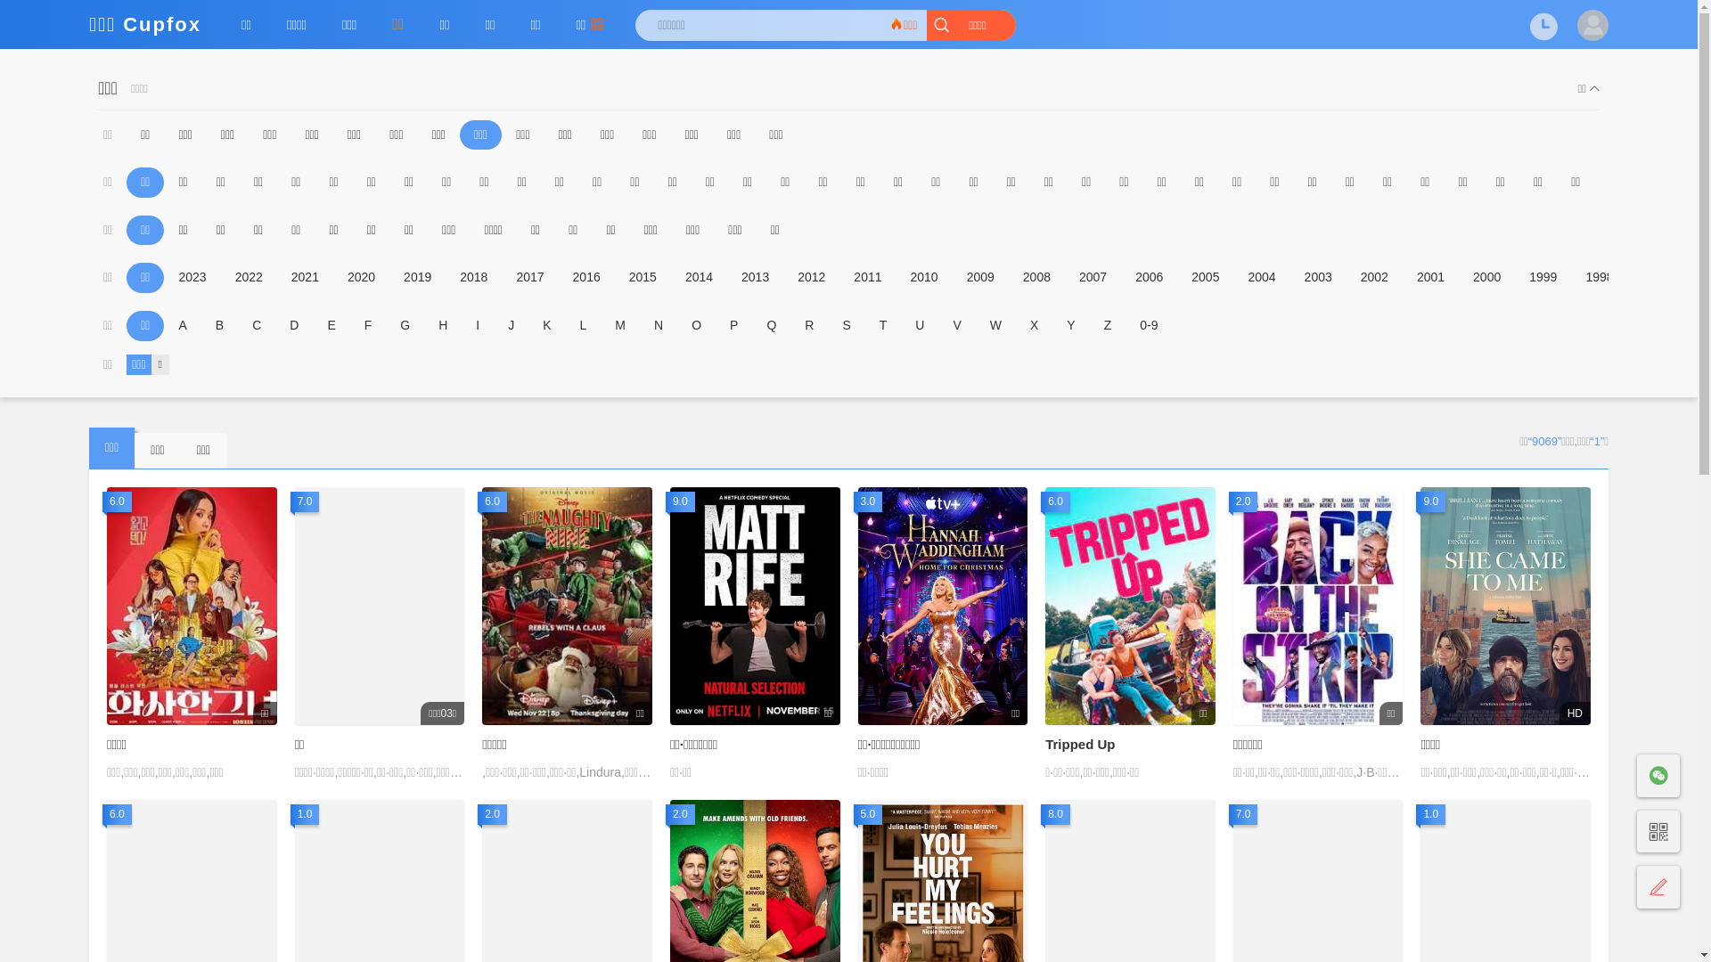  Describe the element at coordinates (248, 278) in the screenshot. I see `'2022'` at that location.